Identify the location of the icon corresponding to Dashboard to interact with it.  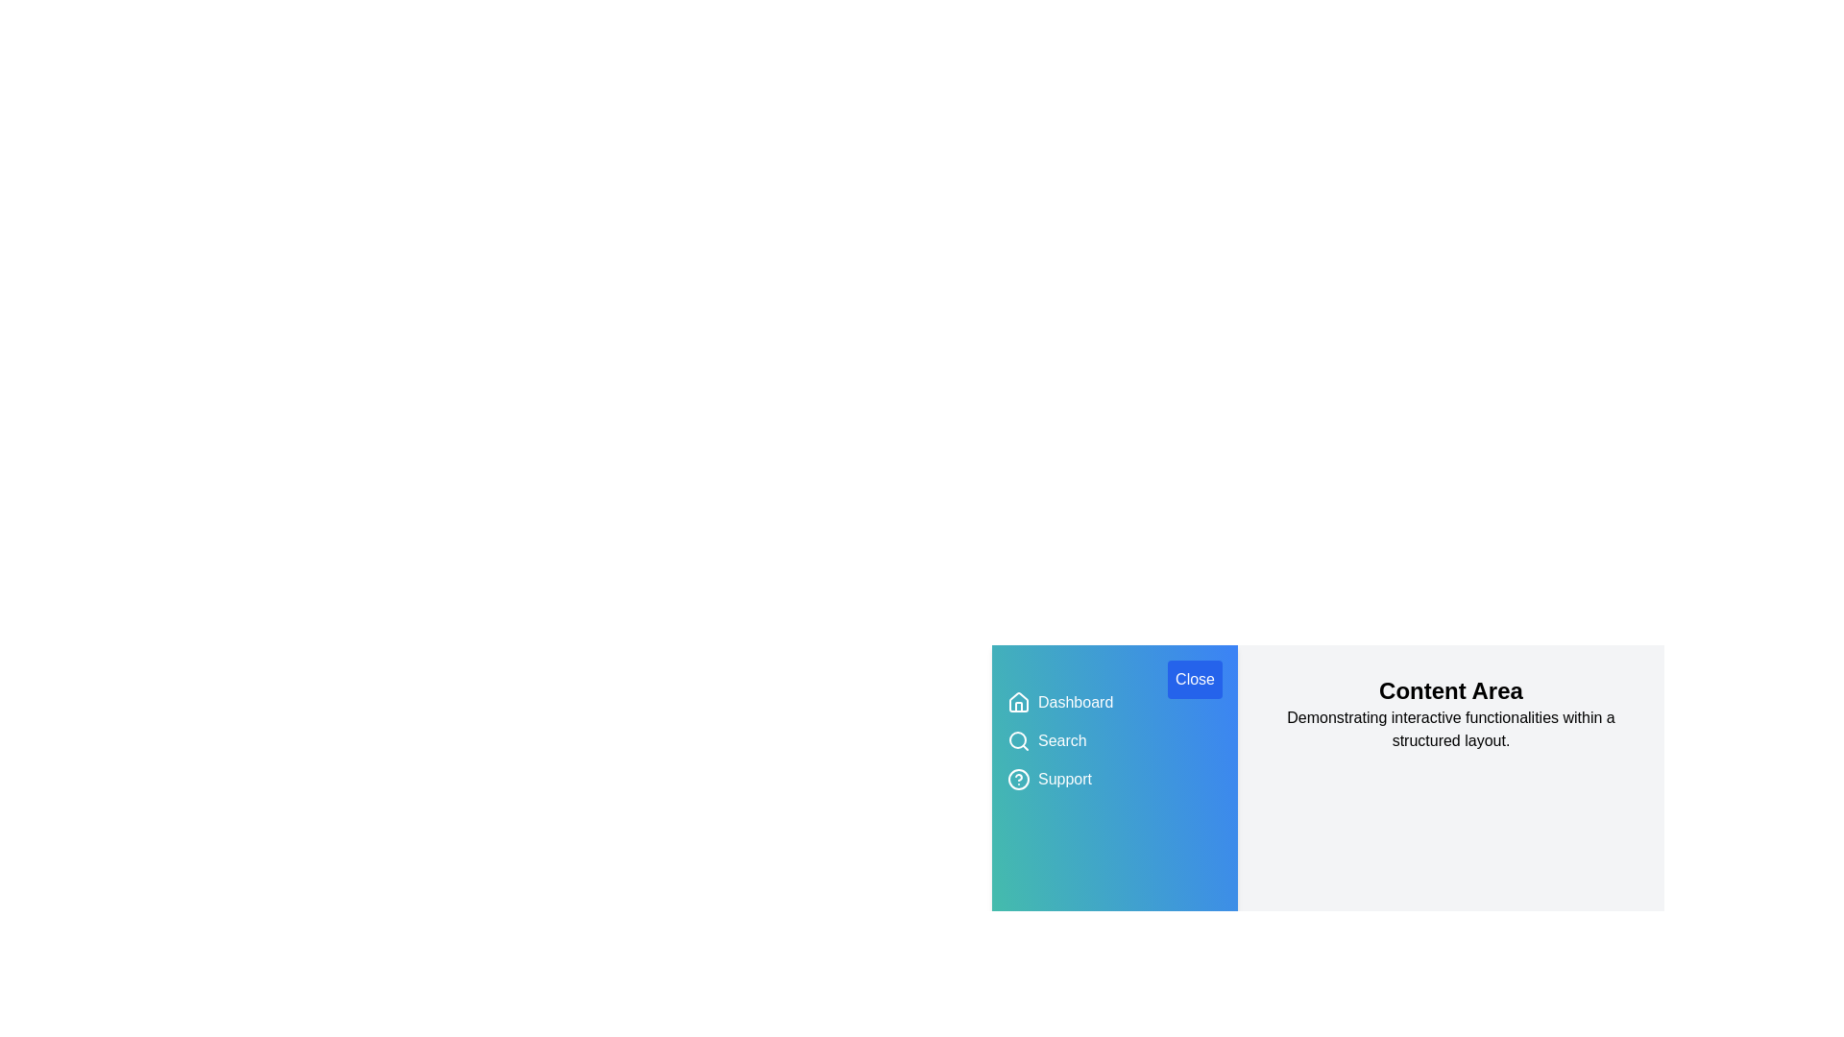
(1017, 703).